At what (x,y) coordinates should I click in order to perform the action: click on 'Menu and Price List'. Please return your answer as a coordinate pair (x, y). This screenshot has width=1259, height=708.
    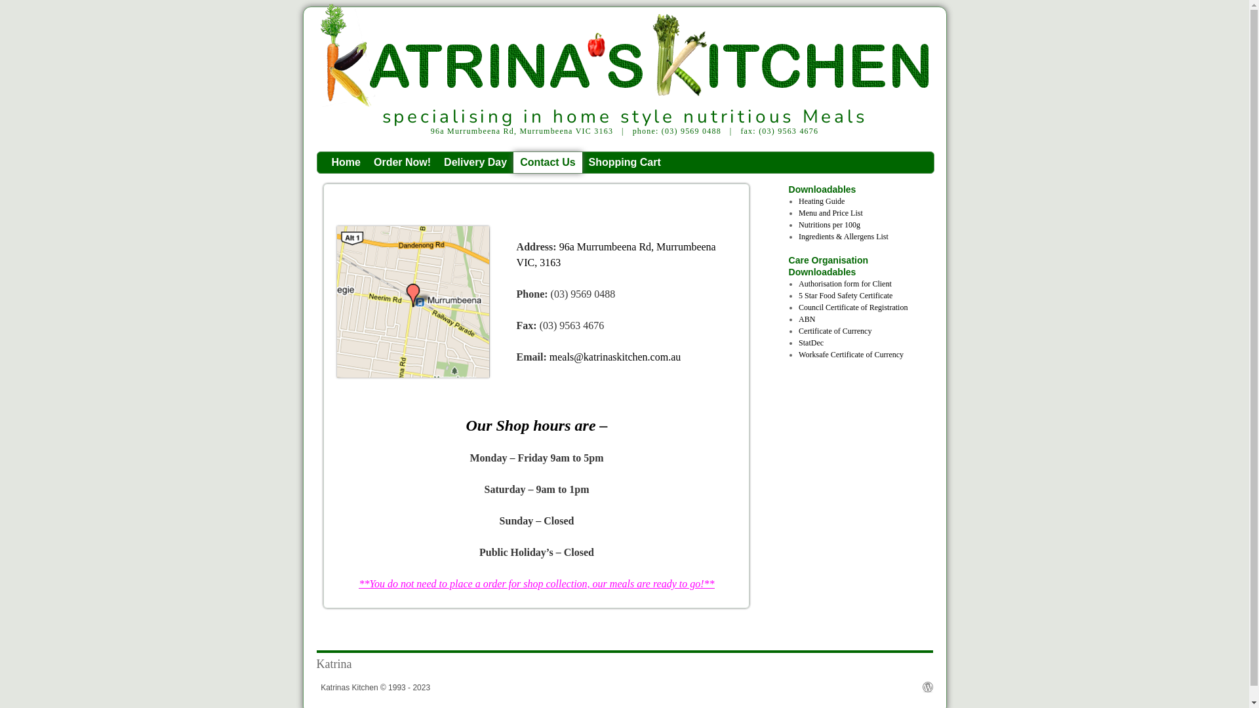
    Looking at the image, I should click on (830, 212).